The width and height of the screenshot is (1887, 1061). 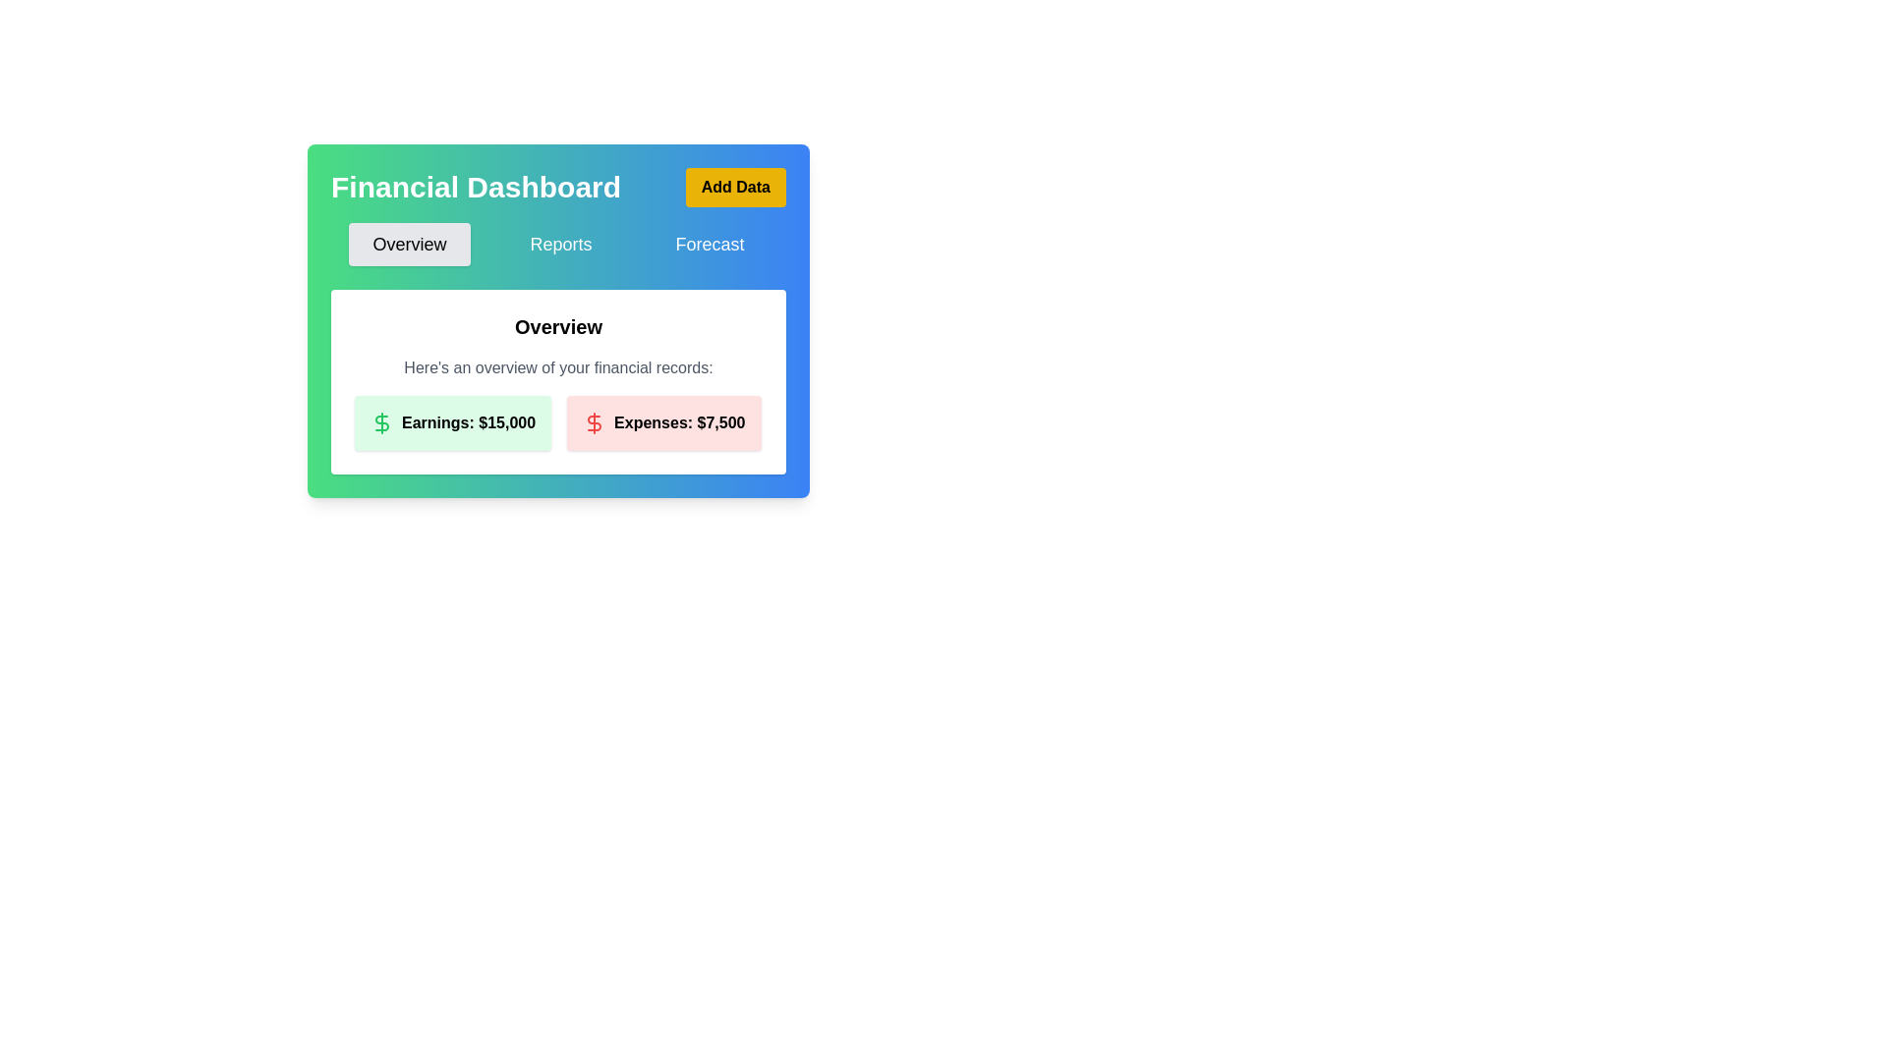 What do you see at coordinates (734, 188) in the screenshot?
I see `the button located at the top-right corner of the dashboard bar next to 'Financial Dashboard'` at bounding box center [734, 188].